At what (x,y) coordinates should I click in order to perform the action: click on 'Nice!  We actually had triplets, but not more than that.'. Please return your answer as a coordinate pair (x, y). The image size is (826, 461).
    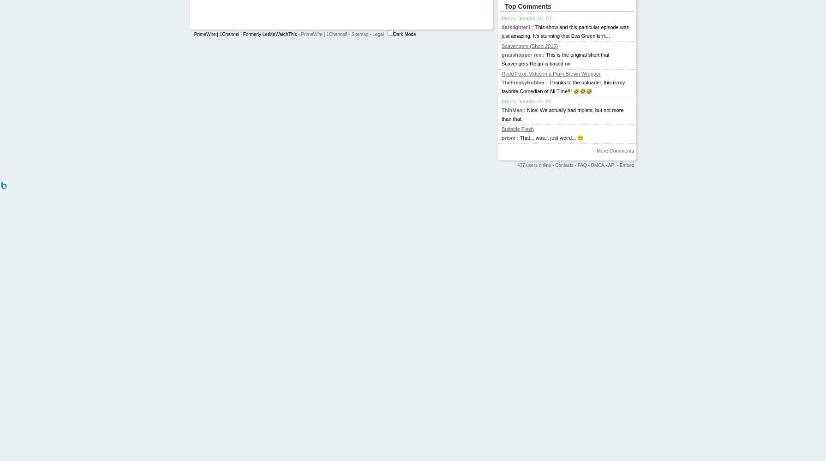
    Looking at the image, I should click on (562, 114).